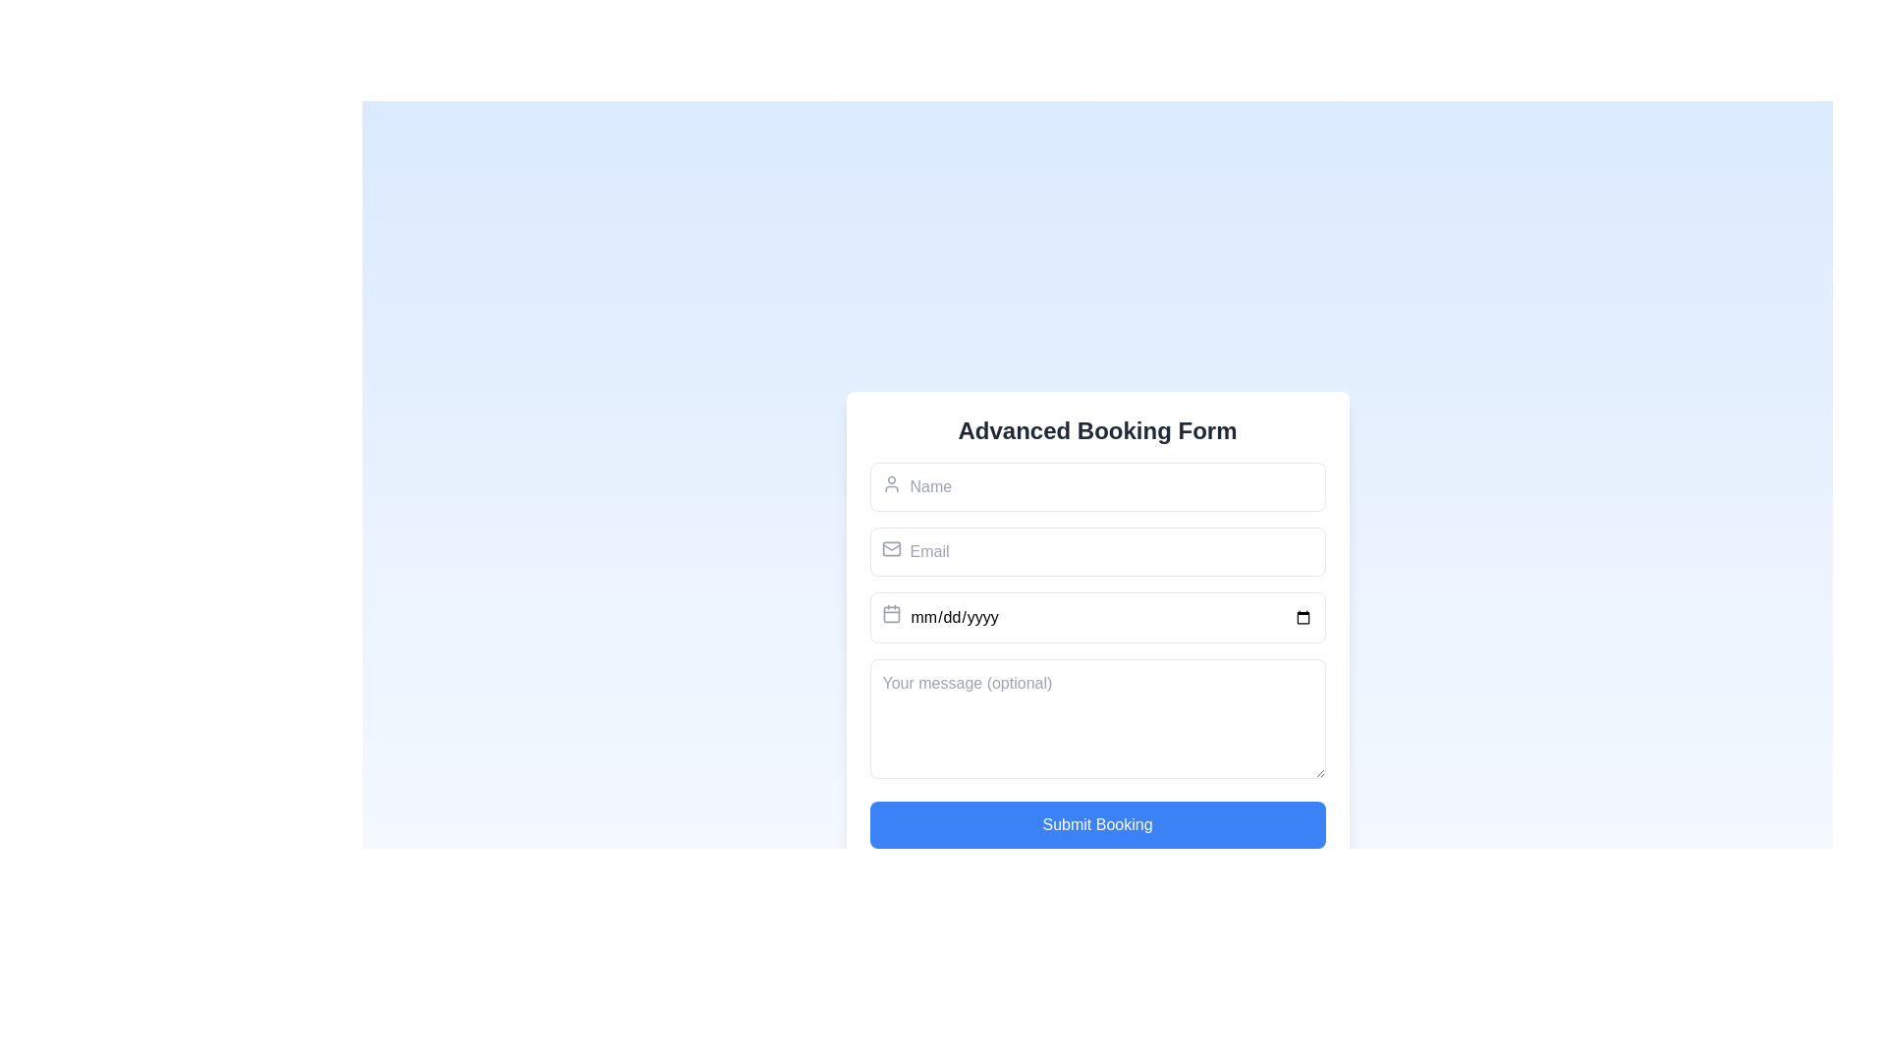 This screenshot has width=1886, height=1061. What do you see at coordinates (890, 548) in the screenshot?
I see `the envelope icon located to the left of the 'Email' input field, which is styled in gray and serves as an indicator for the input type` at bounding box center [890, 548].